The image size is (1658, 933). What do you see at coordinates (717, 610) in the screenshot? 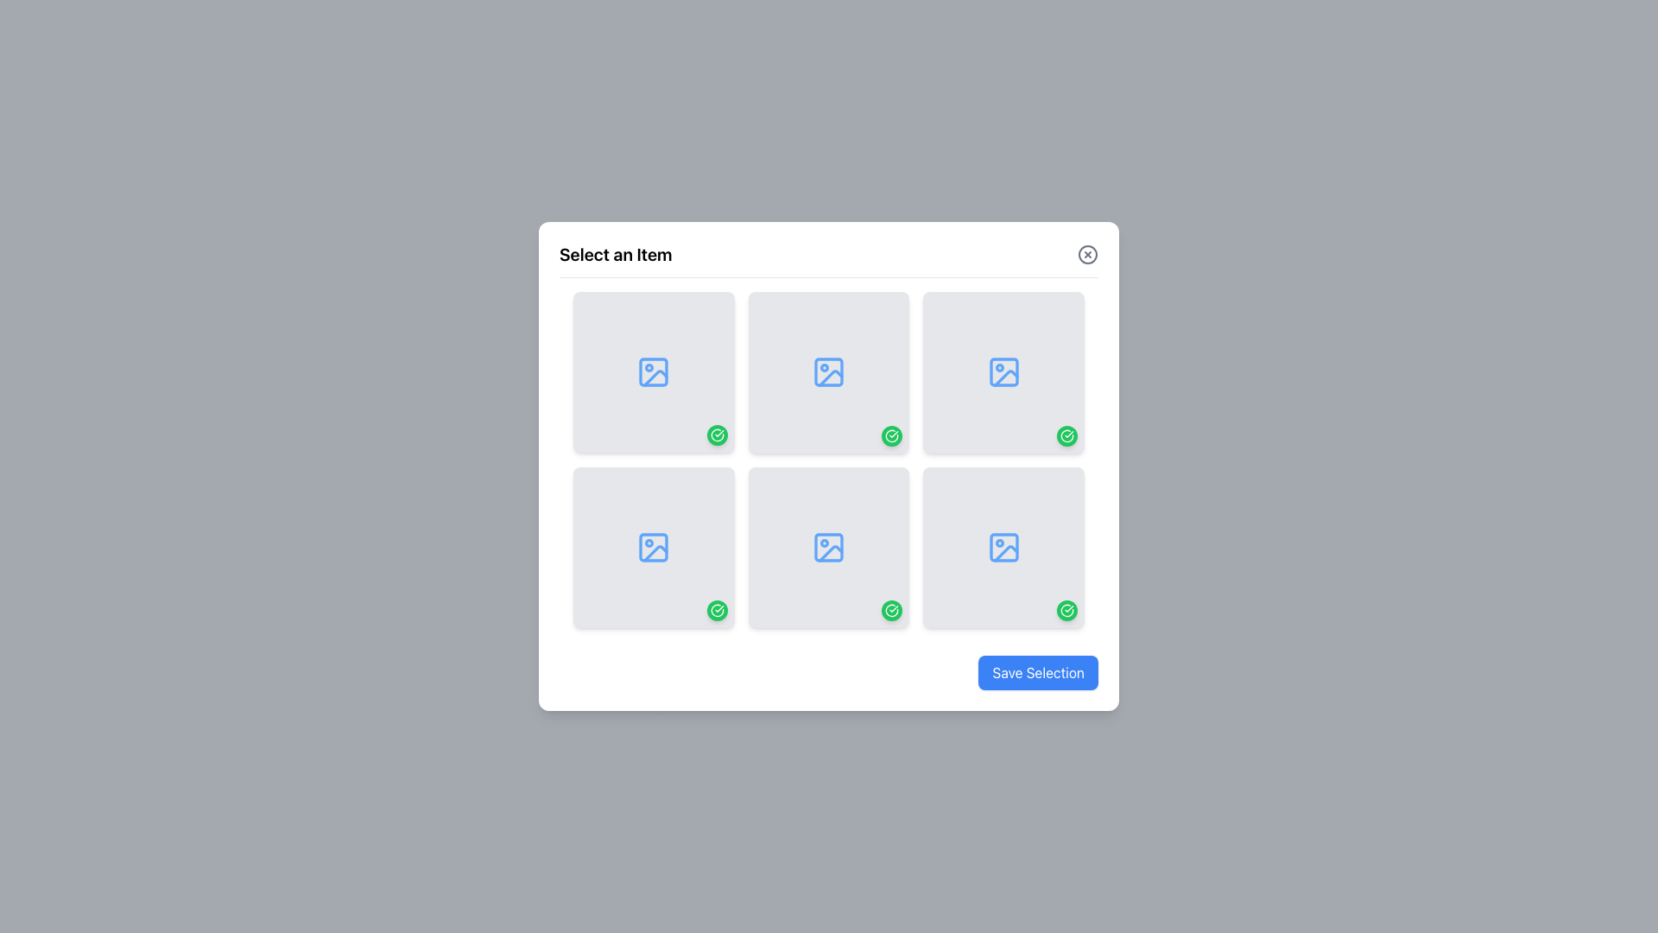
I see `the circular icon with a check mark inside a green circle located` at bounding box center [717, 610].